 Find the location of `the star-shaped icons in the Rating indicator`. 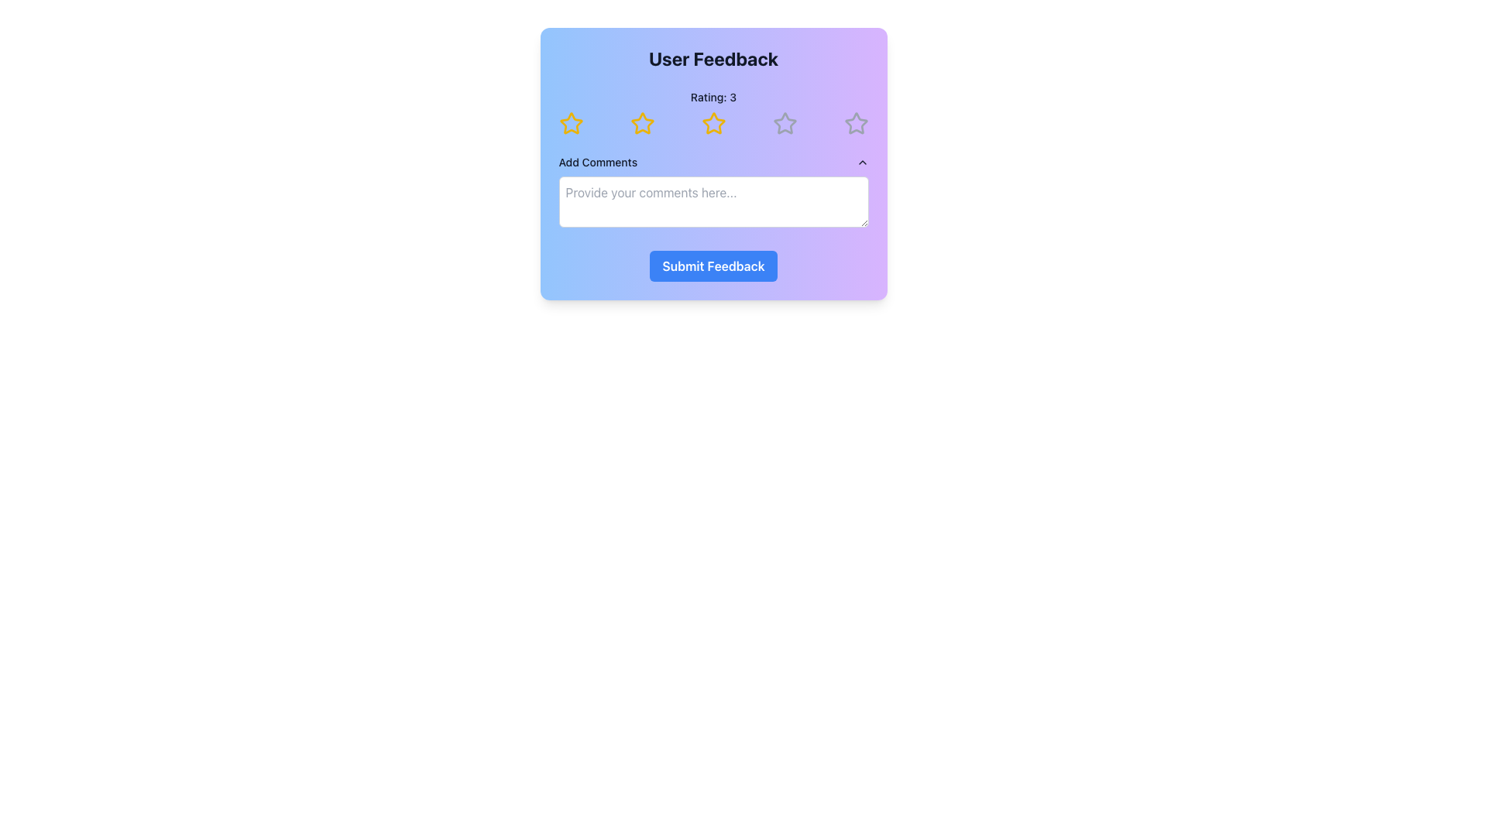

the star-shaped icons in the Rating indicator is located at coordinates (713, 112).